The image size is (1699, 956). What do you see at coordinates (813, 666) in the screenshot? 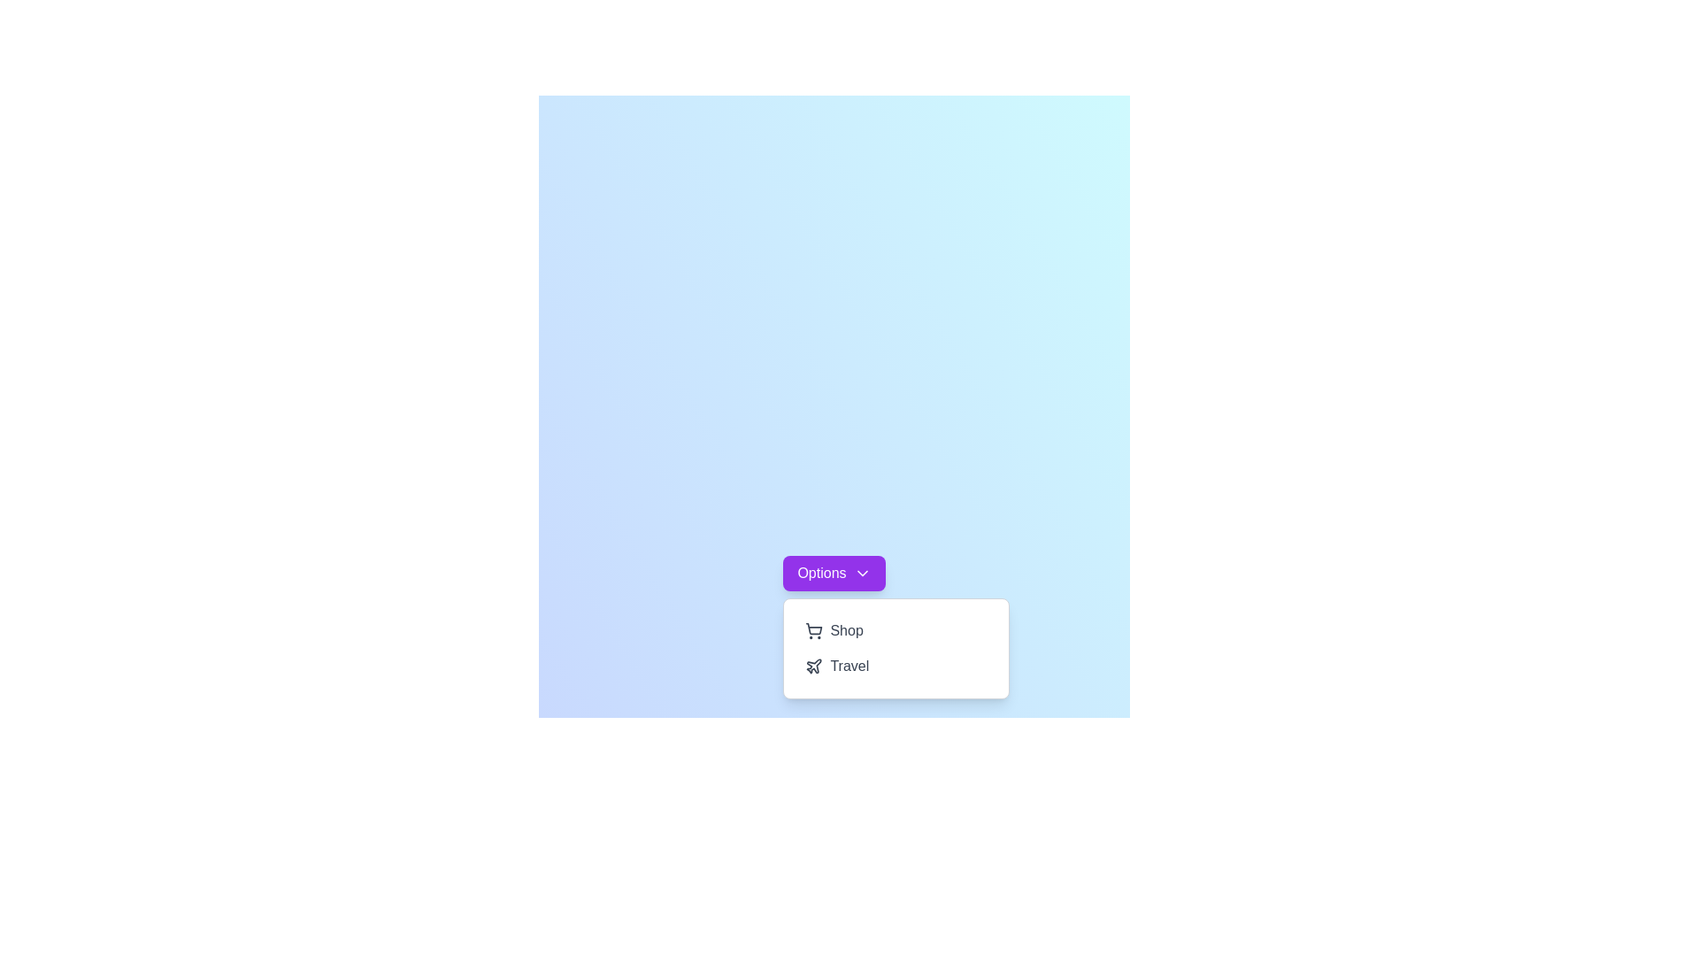
I see `airplane icon SVG element located in the bottom-right corner of the 'Travel' dropdown menu by opening the developer tools` at bounding box center [813, 666].